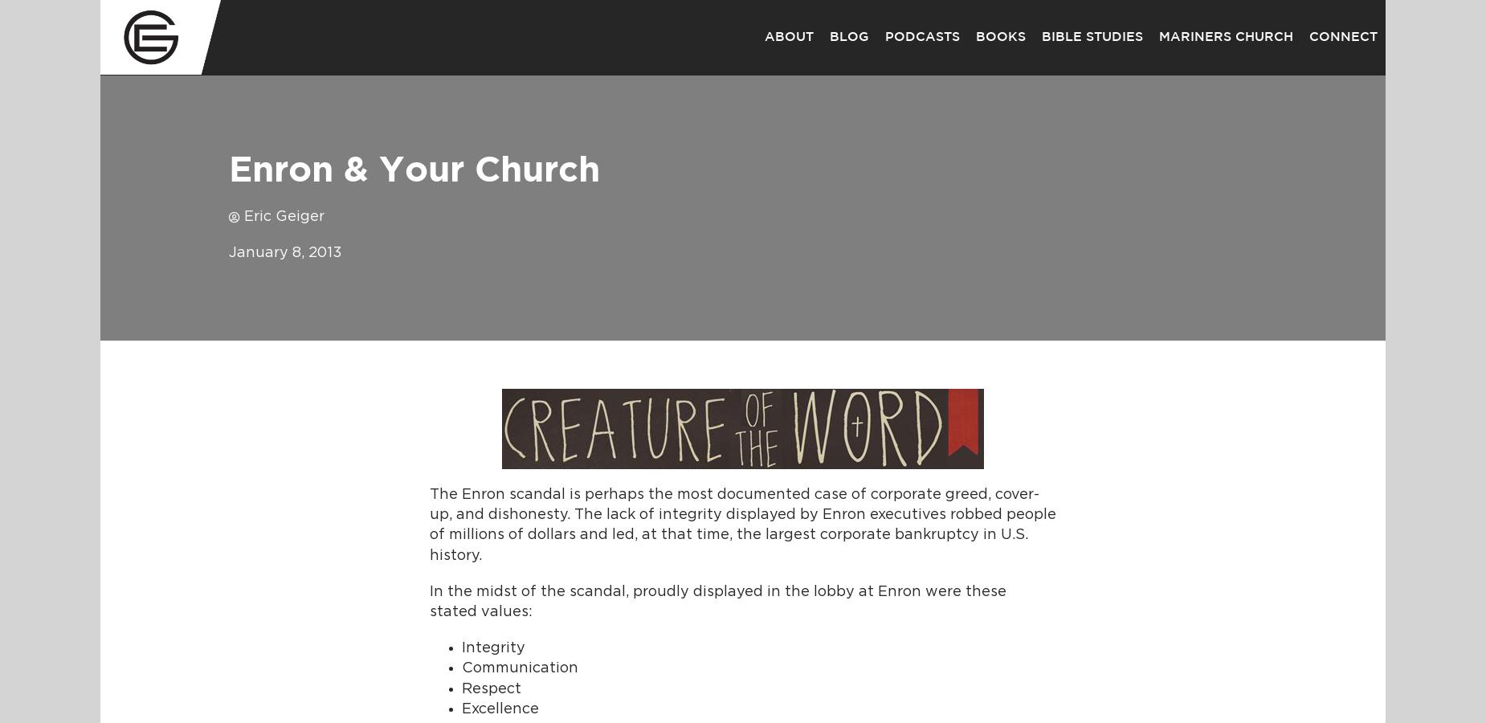 This screenshot has width=1486, height=723. I want to click on 'Eric Geiger', so click(284, 216).